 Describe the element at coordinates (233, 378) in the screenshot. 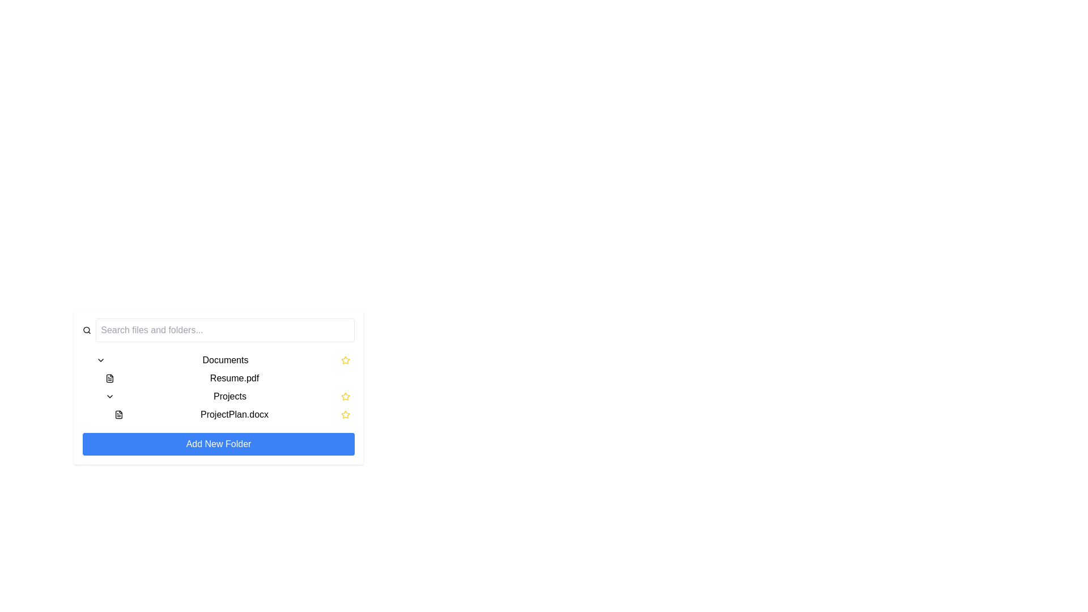

I see `the plain text label 'Resume.pdf' located under the 'Documents' category and above the 'Projects' section` at that location.